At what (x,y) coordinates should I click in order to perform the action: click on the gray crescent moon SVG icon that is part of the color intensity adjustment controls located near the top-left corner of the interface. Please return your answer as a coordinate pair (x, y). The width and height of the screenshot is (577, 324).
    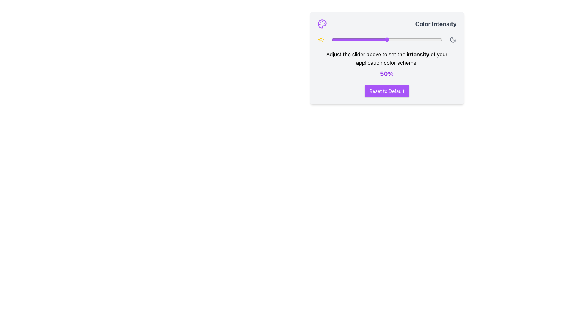
    Looking at the image, I should click on (453, 39).